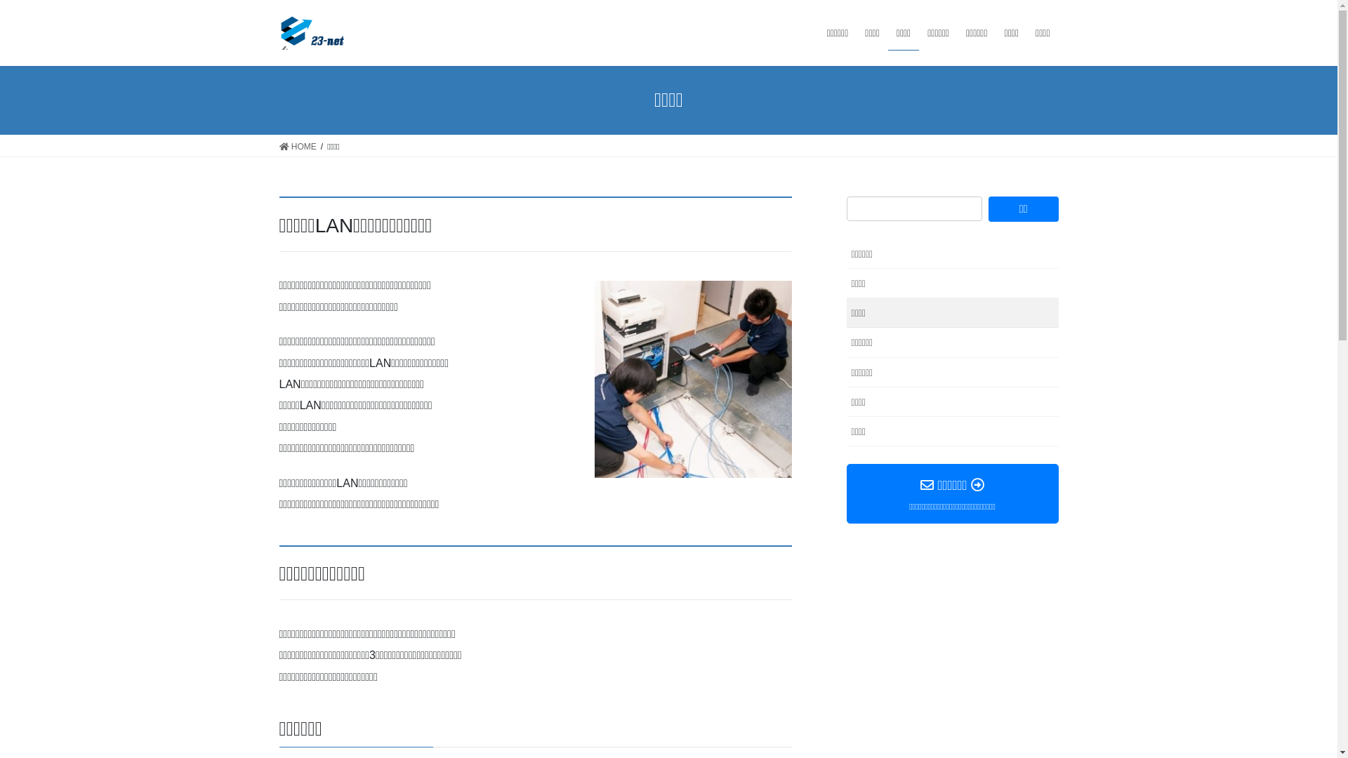 The height and width of the screenshot is (758, 1348). I want to click on 'HOME', so click(279, 146).